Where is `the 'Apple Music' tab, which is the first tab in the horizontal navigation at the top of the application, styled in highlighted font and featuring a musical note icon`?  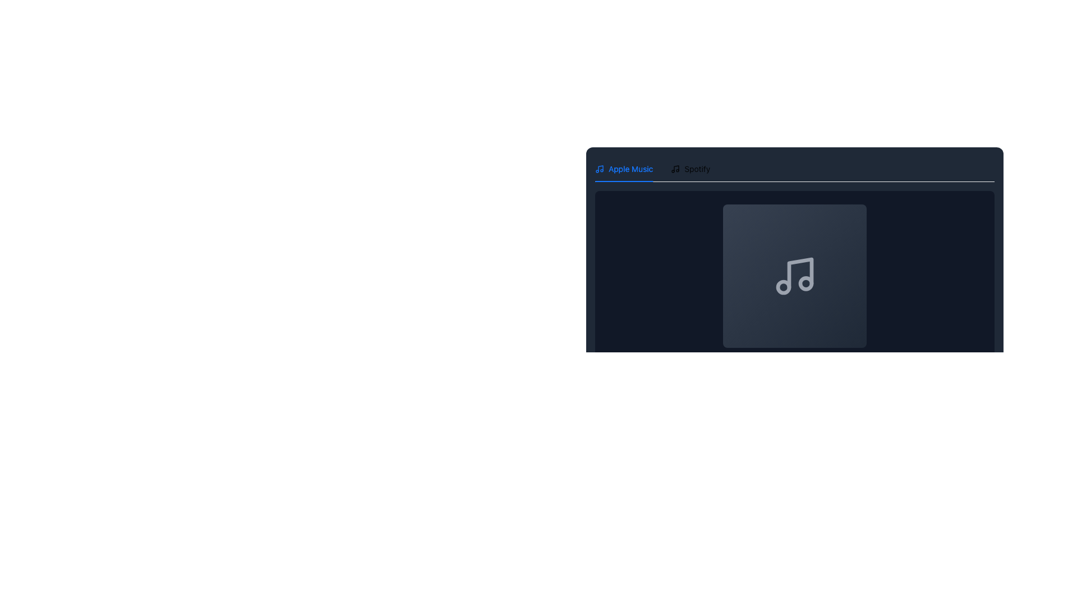
the 'Apple Music' tab, which is the first tab in the horizontal navigation at the top of the application, styled in highlighted font and featuring a musical note icon is located at coordinates (623, 169).